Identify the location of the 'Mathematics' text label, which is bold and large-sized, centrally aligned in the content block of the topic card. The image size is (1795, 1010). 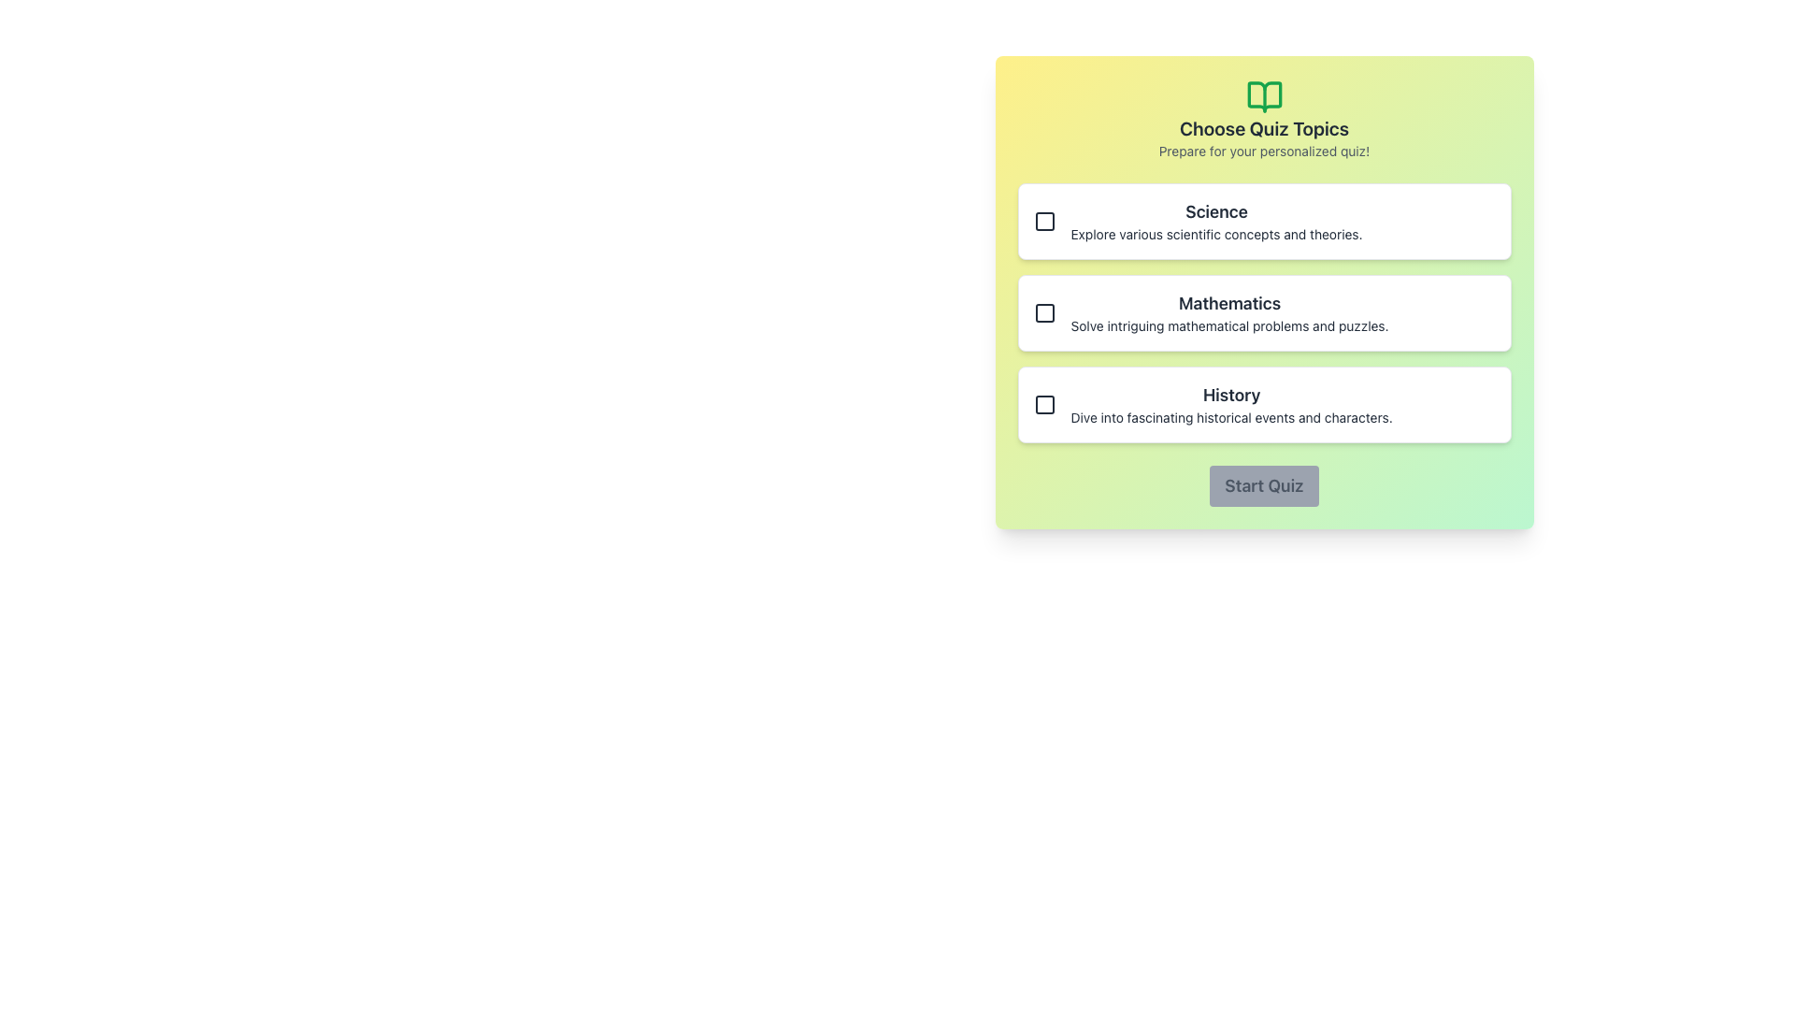
(1229, 302).